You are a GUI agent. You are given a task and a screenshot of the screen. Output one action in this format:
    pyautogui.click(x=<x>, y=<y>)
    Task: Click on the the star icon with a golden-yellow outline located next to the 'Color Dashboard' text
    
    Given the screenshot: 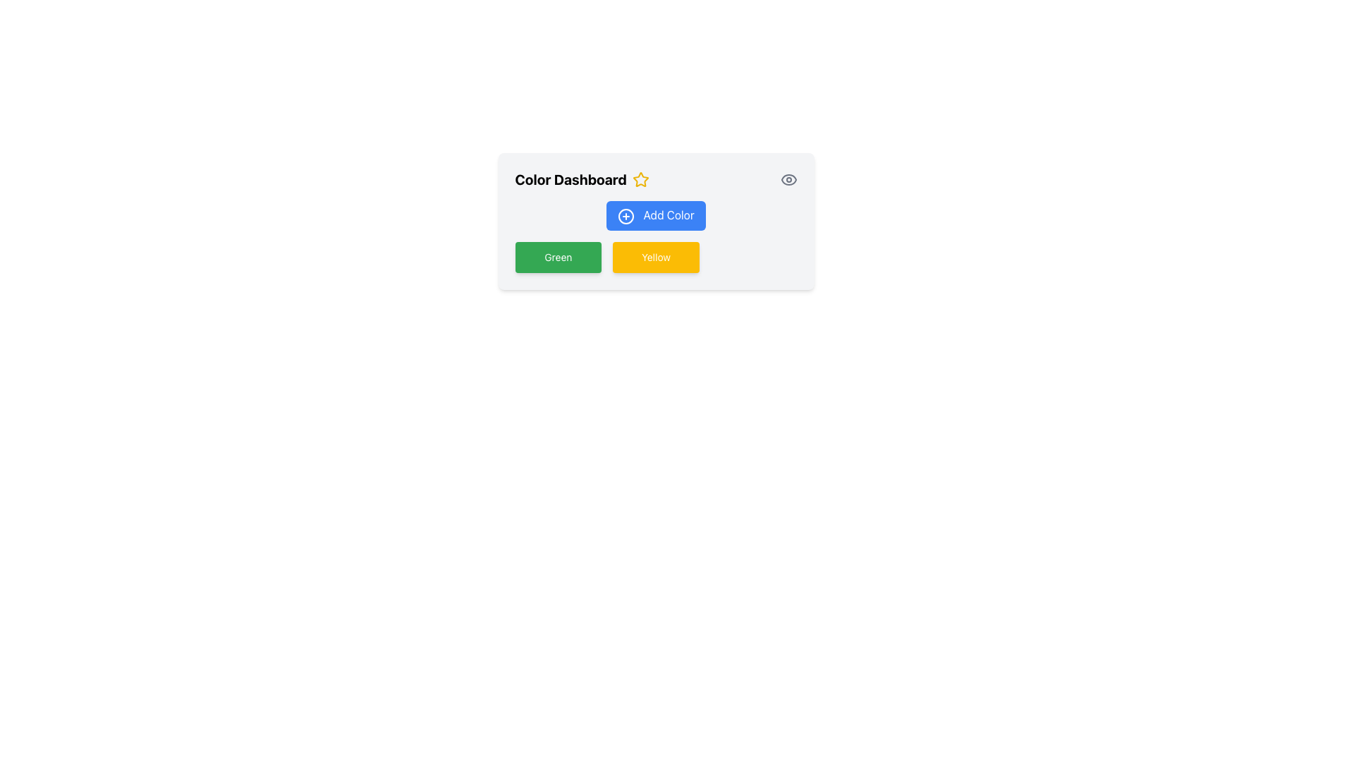 What is the action you would take?
    pyautogui.click(x=640, y=179)
    